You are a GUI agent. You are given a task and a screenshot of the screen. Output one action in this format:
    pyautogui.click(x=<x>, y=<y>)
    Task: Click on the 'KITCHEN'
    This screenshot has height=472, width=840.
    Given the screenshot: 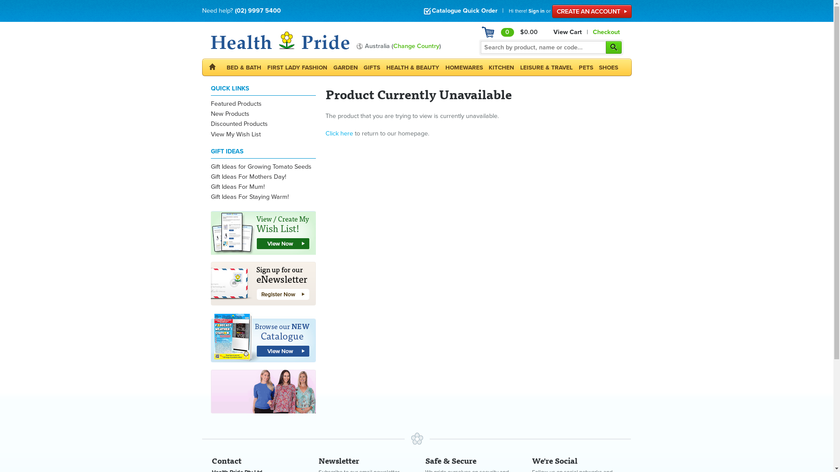 What is the action you would take?
    pyautogui.click(x=501, y=67)
    